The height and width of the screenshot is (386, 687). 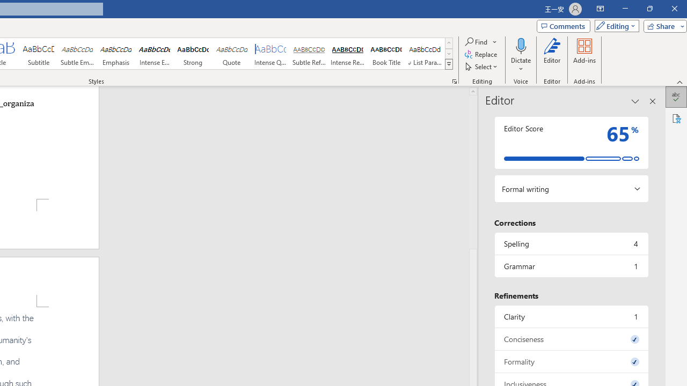 What do you see at coordinates (571, 243) in the screenshot?
I see `'Spelling, 4 issues. Press space or enter to review items.'` at bounding box center [571, 243].